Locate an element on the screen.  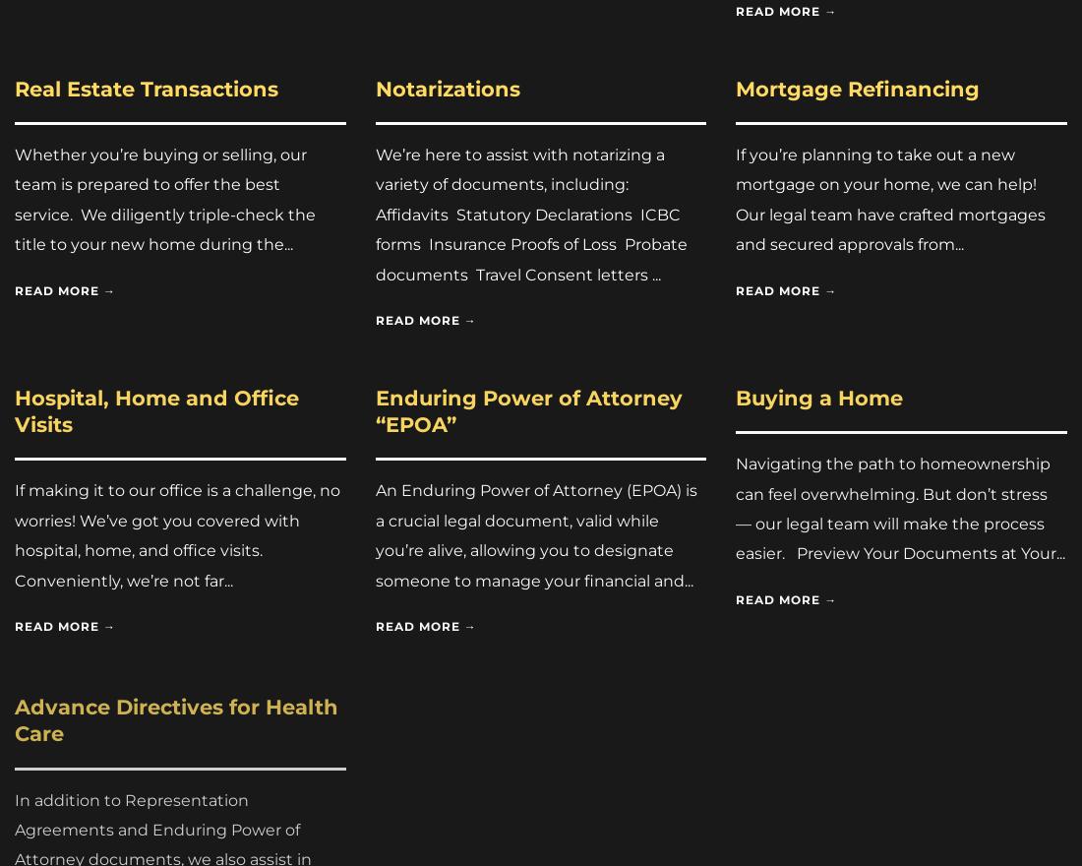
'Navigating the path to homeownership can feel overwhelming. But don’t stress — our legal team will make the process easier.   Preview Your Documents at Your...' is located at coordinates (900, 507).